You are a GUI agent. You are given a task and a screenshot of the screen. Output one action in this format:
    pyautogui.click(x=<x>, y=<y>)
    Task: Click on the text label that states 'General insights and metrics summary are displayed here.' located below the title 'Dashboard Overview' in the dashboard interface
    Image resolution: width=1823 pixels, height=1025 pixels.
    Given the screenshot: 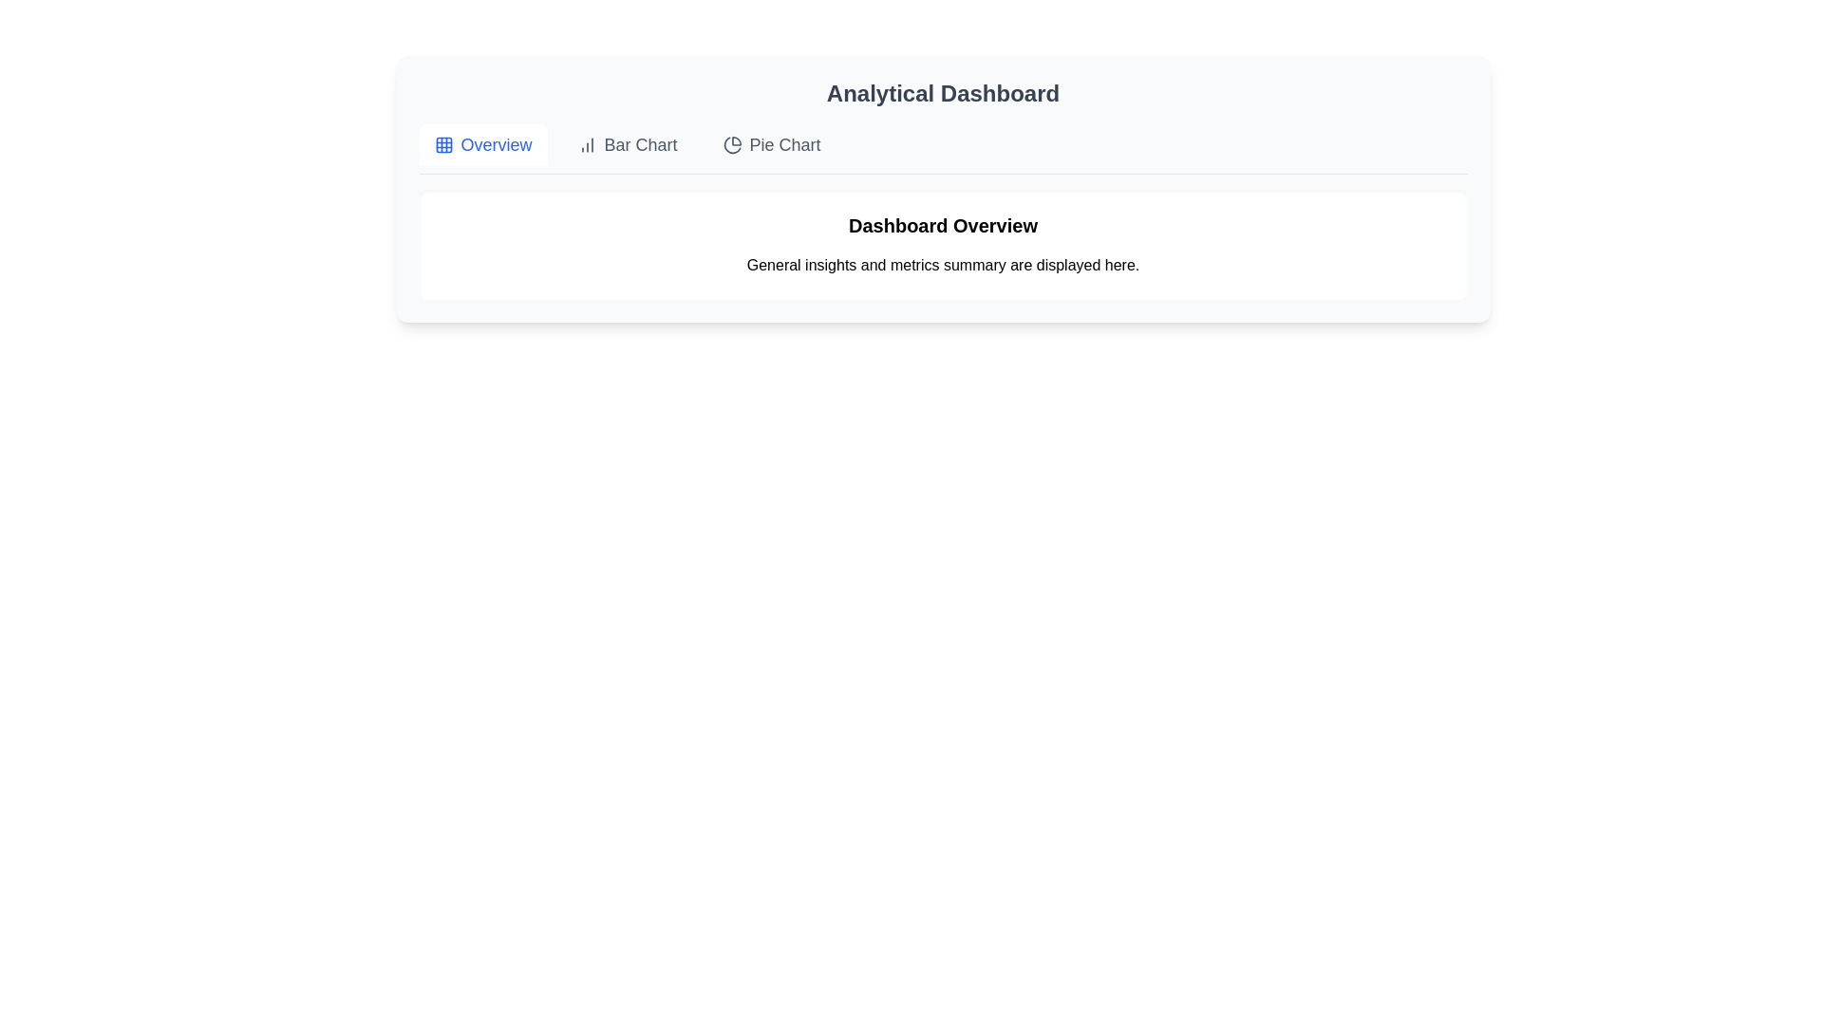 What is the action you would take?
    pyautogui.click(x=943, y=266)
    